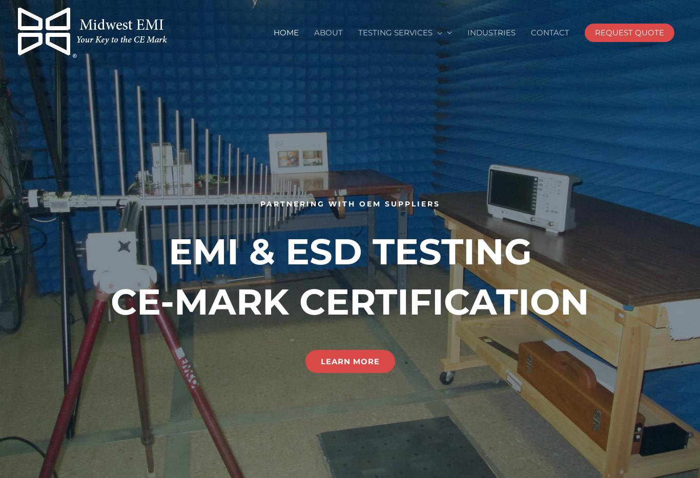 This screenshot has height=478, width=700. I want to click on 'INDUSTRIES', so click(491, 32).